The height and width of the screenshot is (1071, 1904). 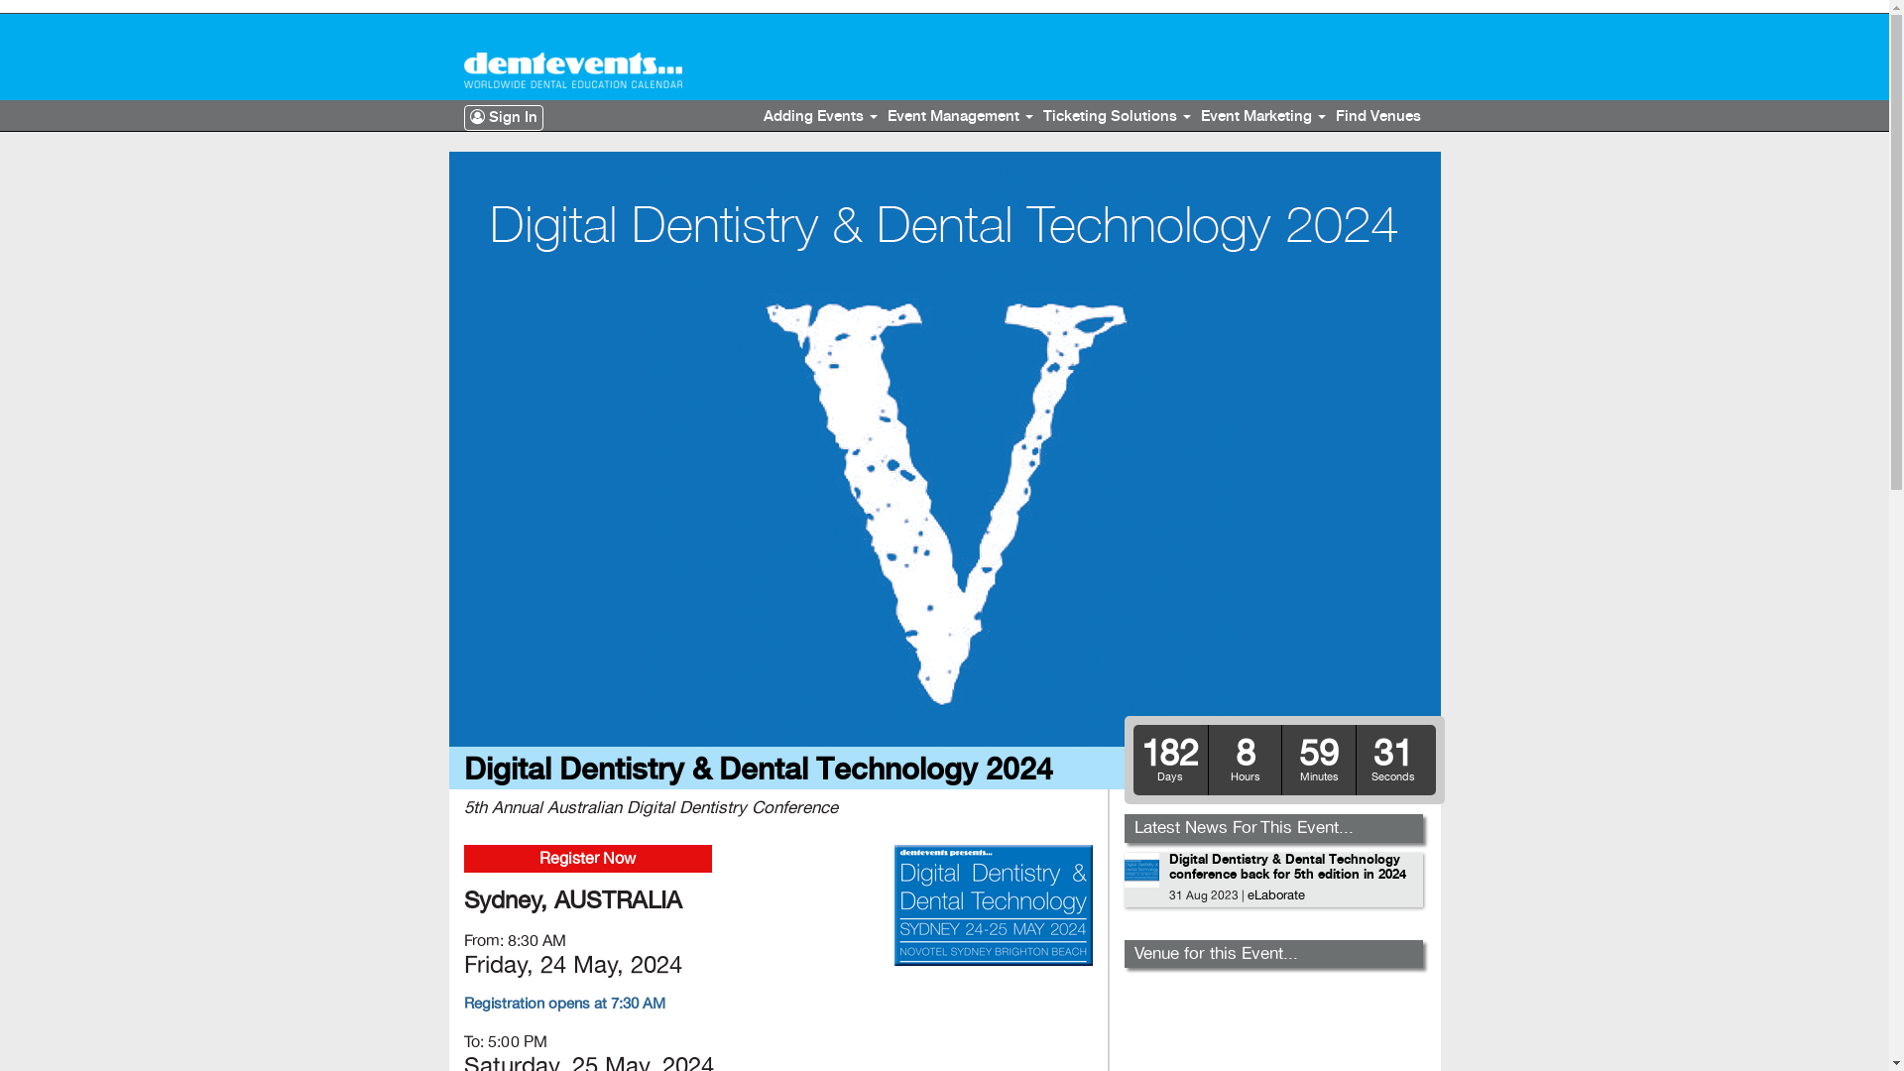 I want to click on 'Find Venues', so click(x=1377, y=117).